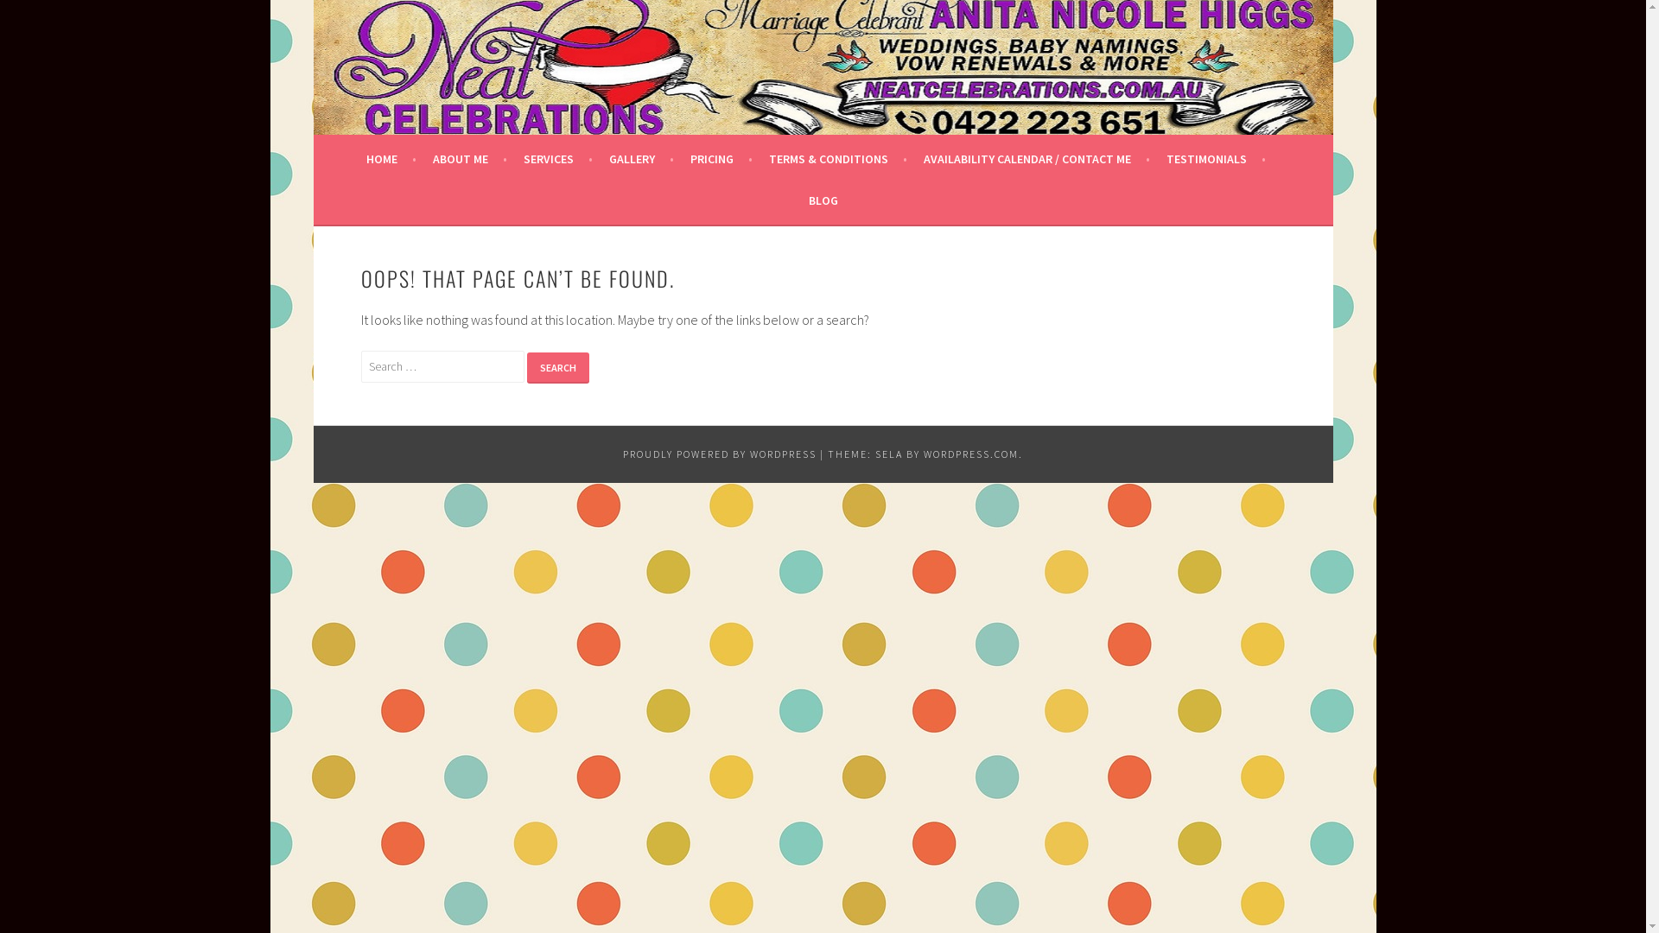 This screenshot has height=933, width=1659. Describe the element at coordinates (359, 60) in the screenshot. I see `'NEAT CELEBRATIONS'` at that location.